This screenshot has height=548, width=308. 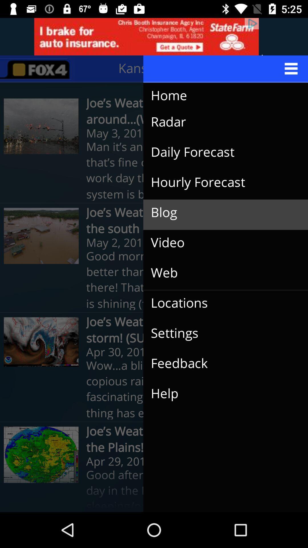 I want to click on item below may 3 2017, so click(x=221, y=152).